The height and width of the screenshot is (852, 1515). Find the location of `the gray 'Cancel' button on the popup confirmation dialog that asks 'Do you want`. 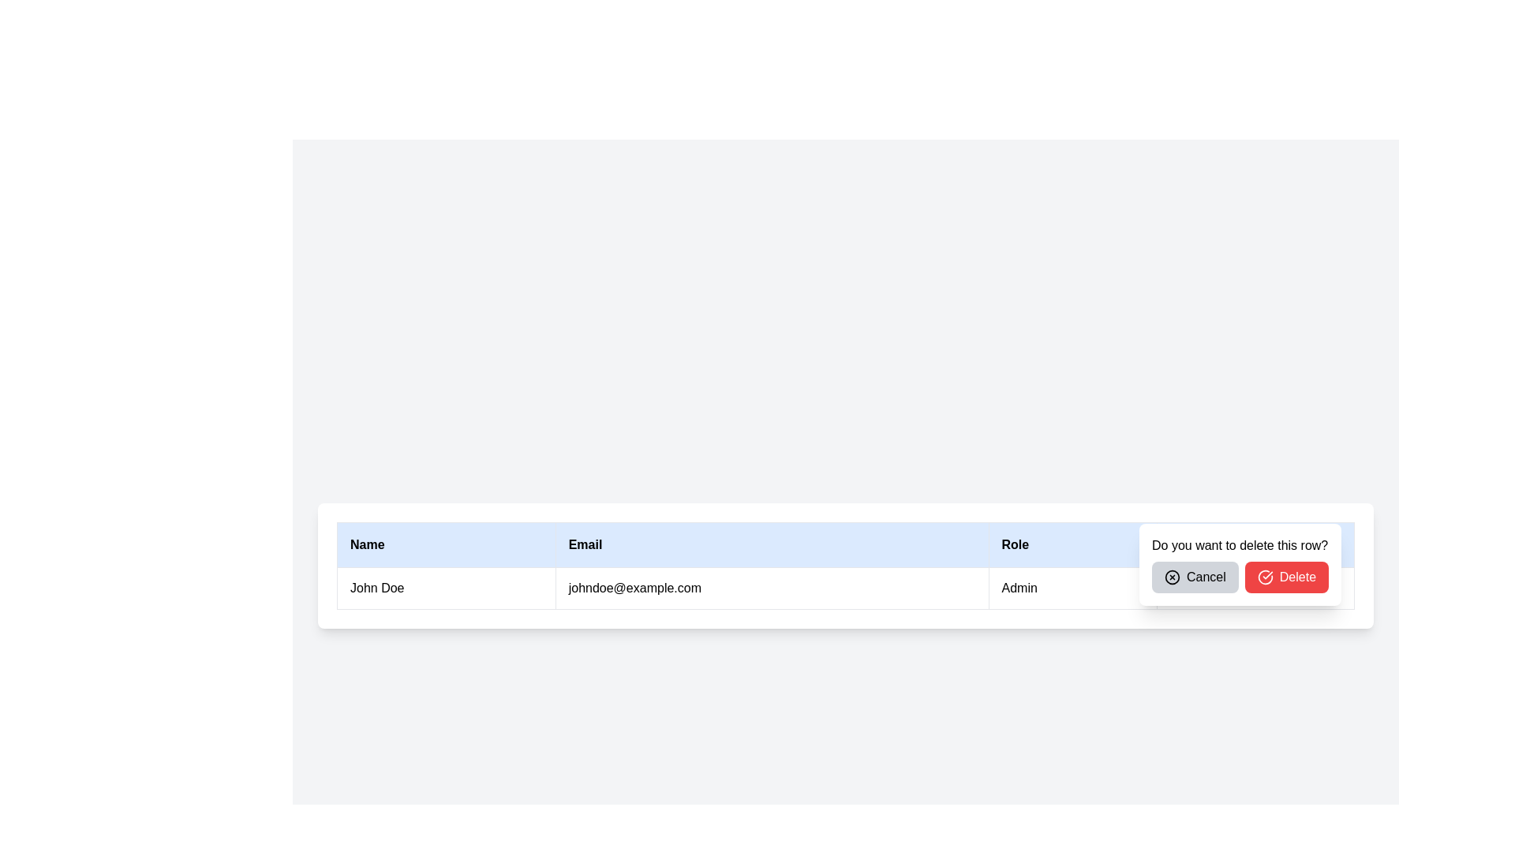

the gray 'Cancel' button on the popup confirmation dialog that asks 'Do you want is located at coordinates (1239, 562).